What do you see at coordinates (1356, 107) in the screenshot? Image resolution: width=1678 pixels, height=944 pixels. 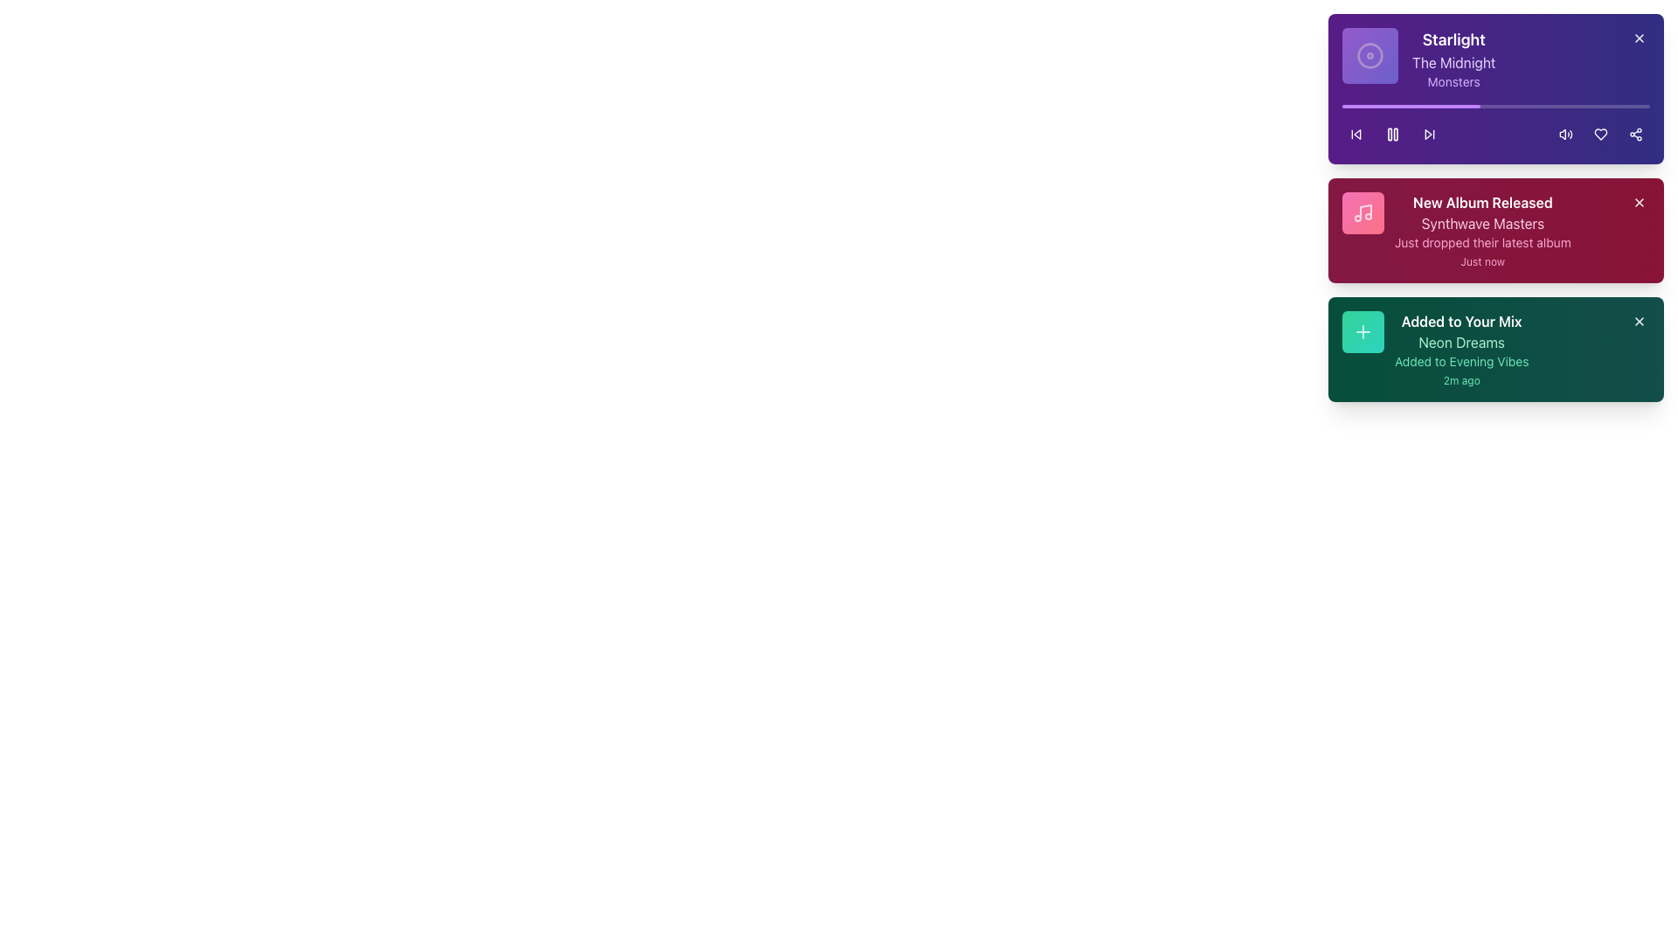 I see `the progress bar` at bounding box center [1356, 107].